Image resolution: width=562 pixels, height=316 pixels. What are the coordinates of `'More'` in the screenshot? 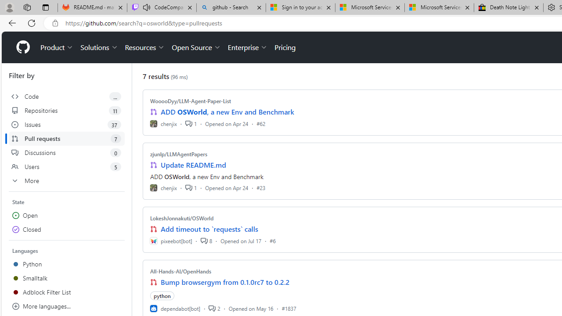 It's located at (66, 180).